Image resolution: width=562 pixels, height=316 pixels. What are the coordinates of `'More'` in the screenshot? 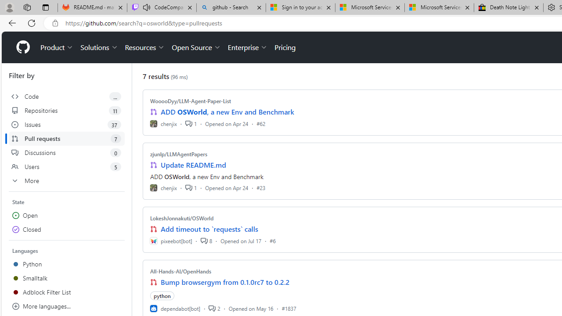 It's located at (66, 180).